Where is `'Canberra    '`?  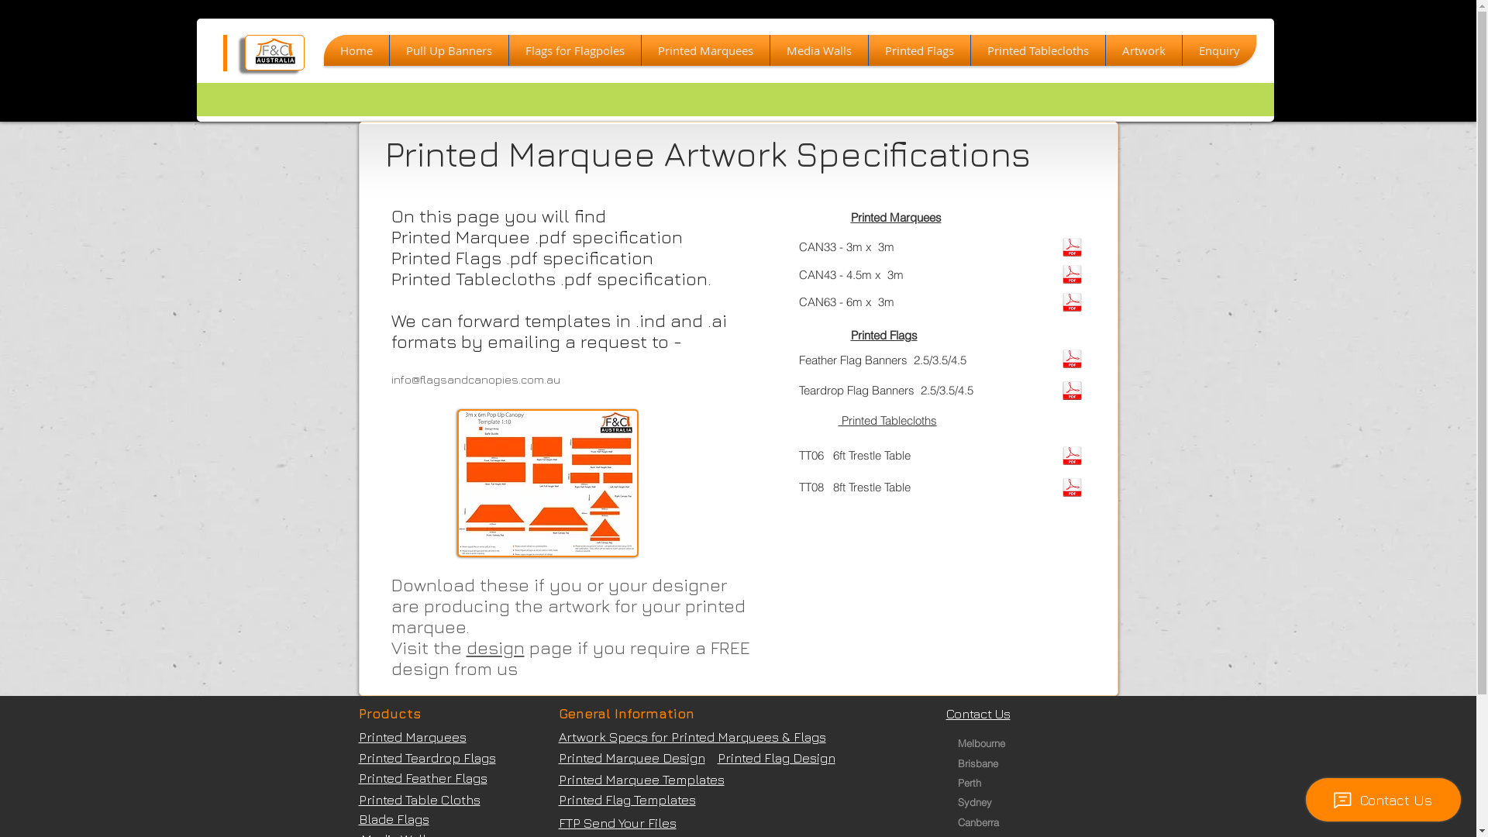
'Canberra    ' is located at coordinates (983, 821).